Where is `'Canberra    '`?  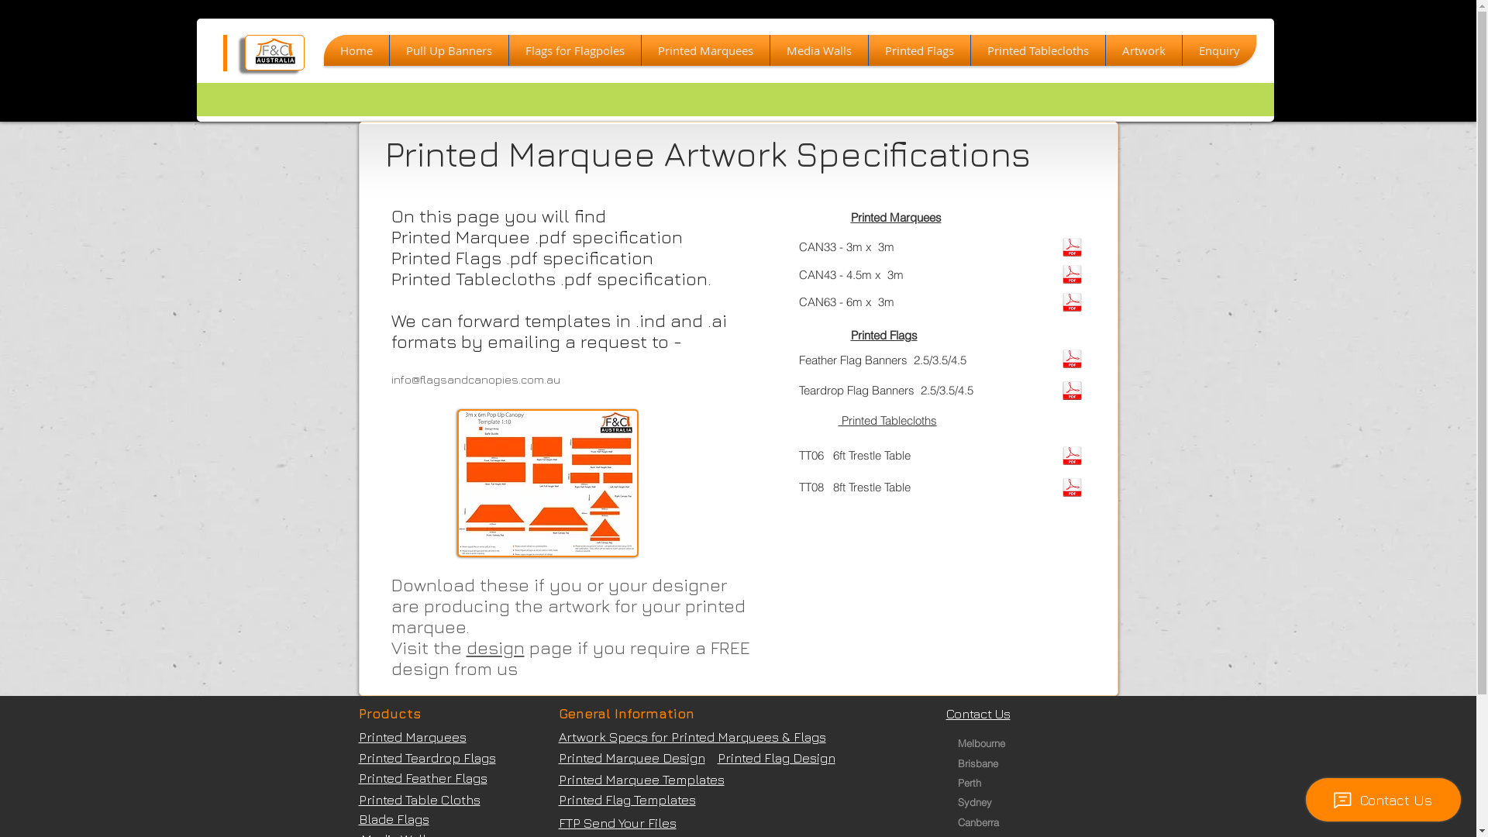
'Canberra    ' is located at coordinates (983, 821).